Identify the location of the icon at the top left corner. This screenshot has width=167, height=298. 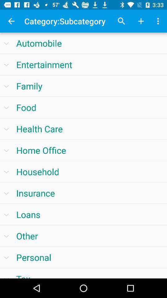
(11, 21).